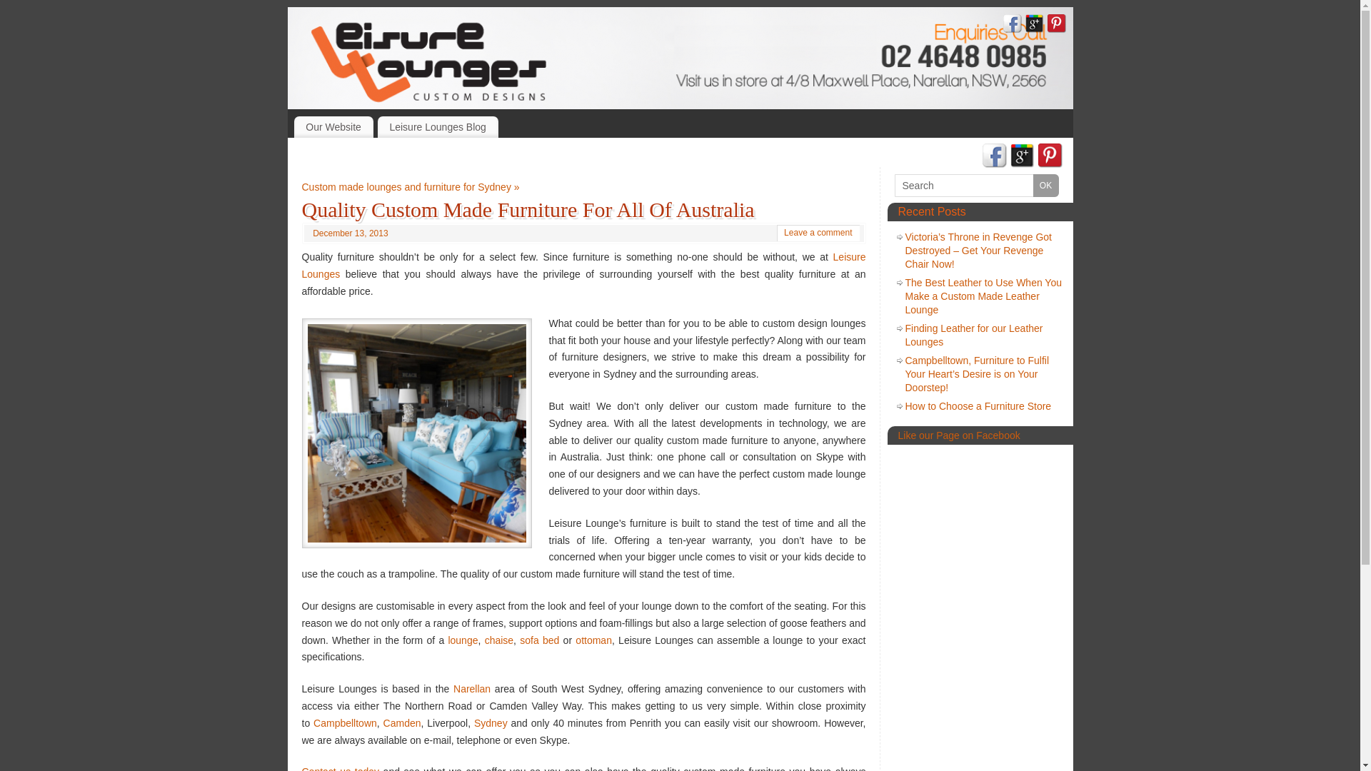 The width and height of the screenshot is (1371, 771). Describe the element at coordinates (472, 687) in the screenshot. I see `'Narellan'` at that location.